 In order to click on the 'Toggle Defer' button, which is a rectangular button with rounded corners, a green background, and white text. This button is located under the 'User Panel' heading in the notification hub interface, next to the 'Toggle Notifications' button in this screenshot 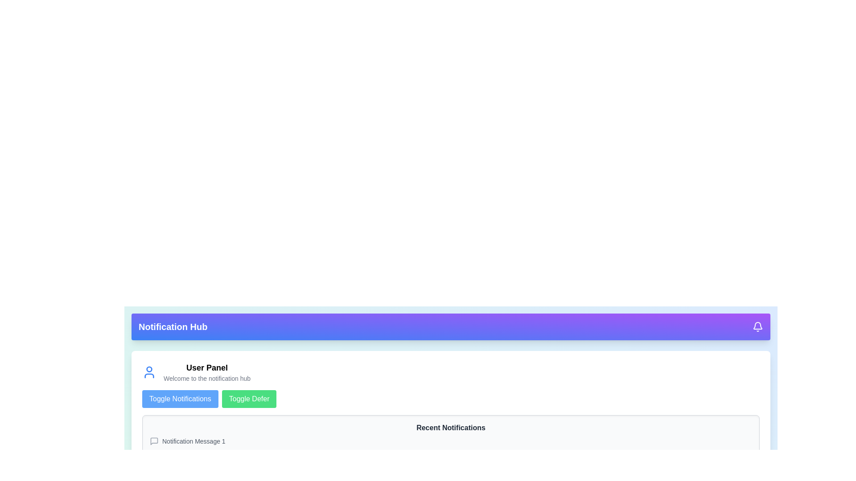, I will do `click(249, 398)`.